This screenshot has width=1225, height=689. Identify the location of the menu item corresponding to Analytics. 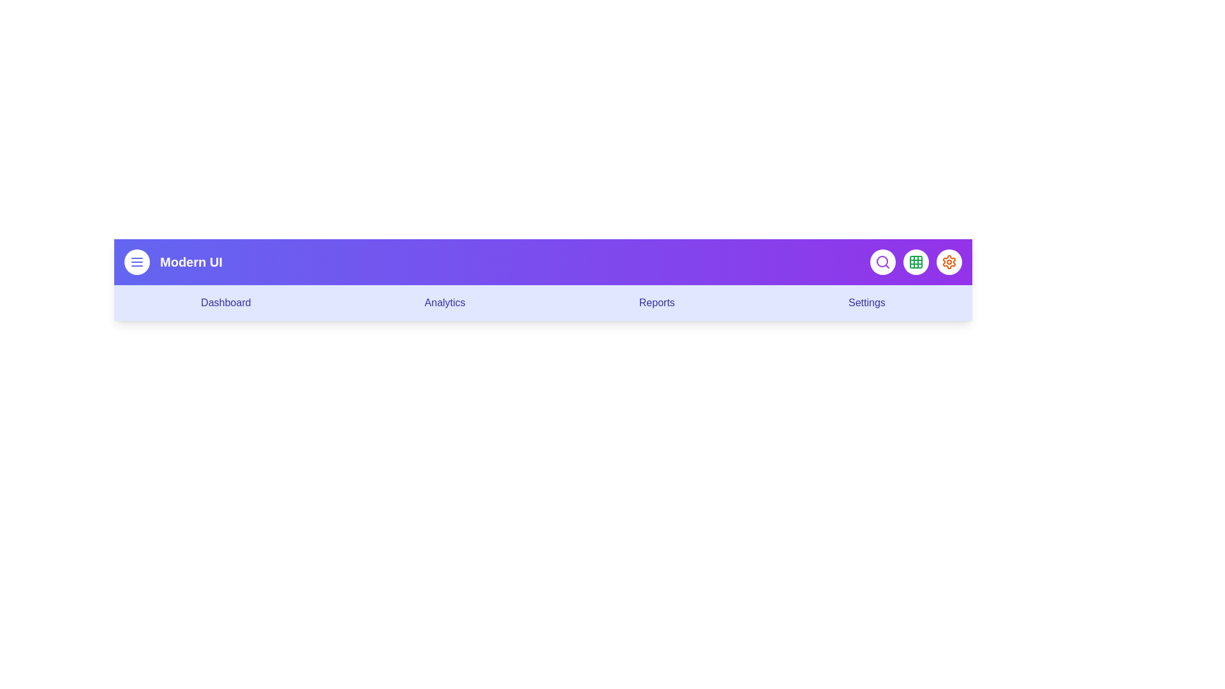
(445, 302).